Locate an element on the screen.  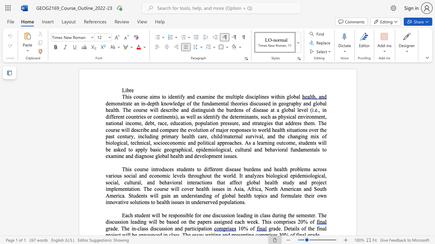
the 1th character "n" in the text is located at coordinates (258, 149).